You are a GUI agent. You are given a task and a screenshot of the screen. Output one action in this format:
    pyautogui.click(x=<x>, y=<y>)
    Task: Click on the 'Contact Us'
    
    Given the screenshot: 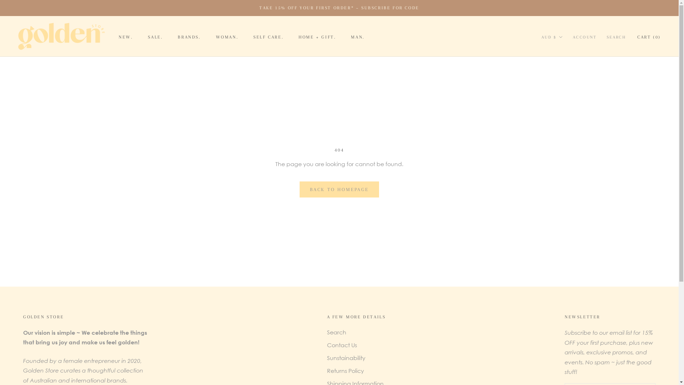 What is the action you would take?
    pyautogui.click(x=326, y=345)
    